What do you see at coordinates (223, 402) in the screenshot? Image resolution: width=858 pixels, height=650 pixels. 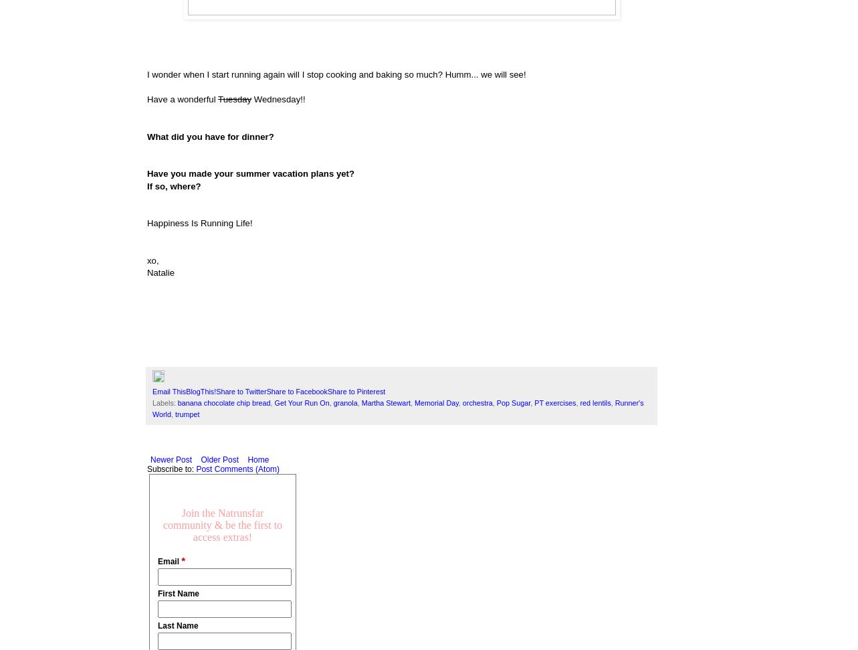 I see `'banana chocolate chip bread'` at bounding box center [223, 402].